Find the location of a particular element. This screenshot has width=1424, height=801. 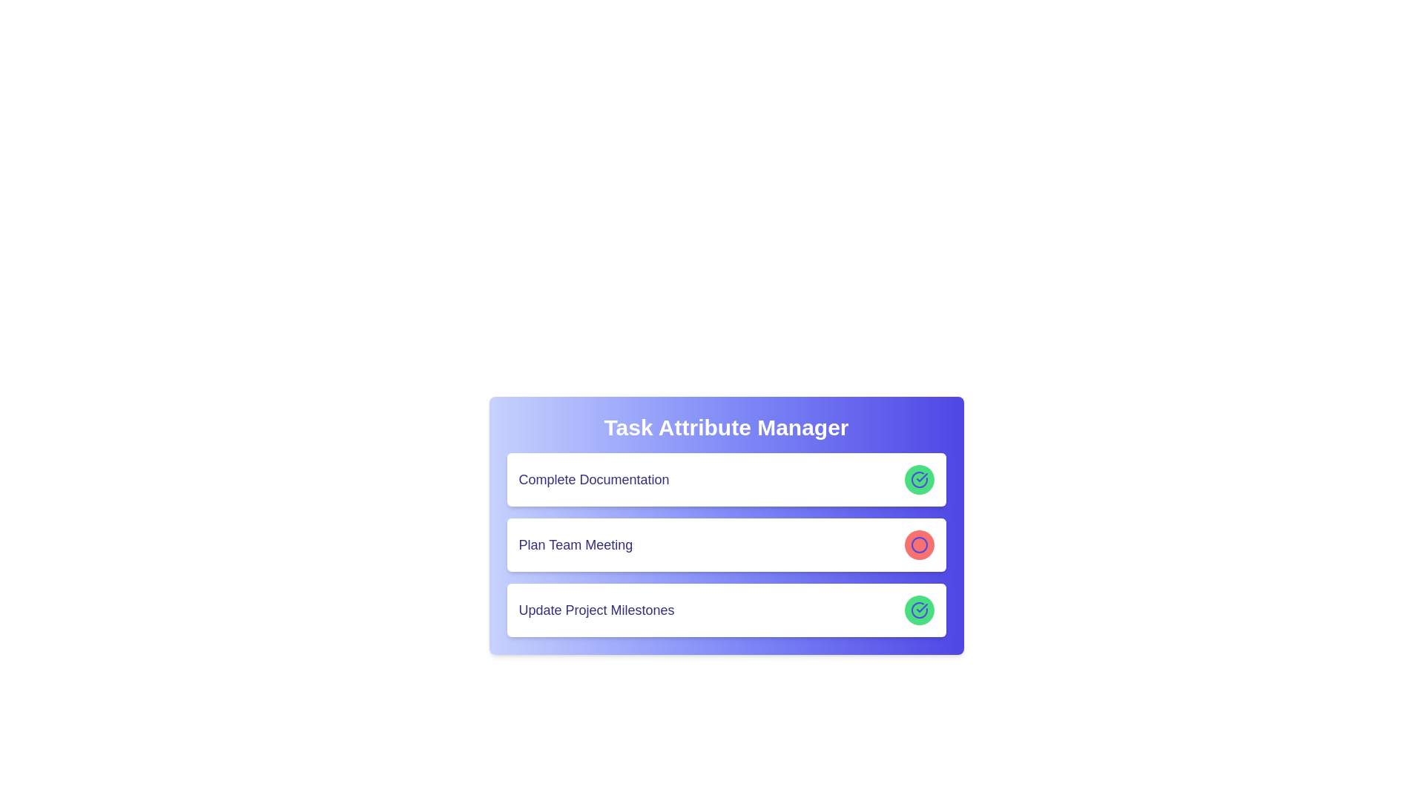

the completion status icon located in the first row of the task list, adjacent to the text 'Complete Documentation' is located at coordinates (918, 480).